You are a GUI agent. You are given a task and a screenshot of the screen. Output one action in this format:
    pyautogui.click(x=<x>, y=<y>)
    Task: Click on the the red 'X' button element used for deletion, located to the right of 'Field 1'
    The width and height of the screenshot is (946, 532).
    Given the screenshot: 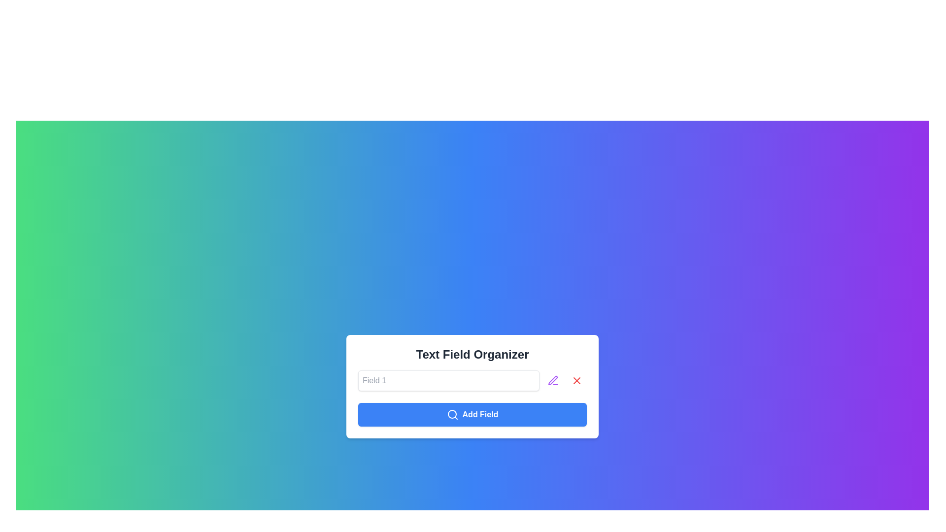 What is the action you would take?
    pyautogui.click(x=577, y=380)
    